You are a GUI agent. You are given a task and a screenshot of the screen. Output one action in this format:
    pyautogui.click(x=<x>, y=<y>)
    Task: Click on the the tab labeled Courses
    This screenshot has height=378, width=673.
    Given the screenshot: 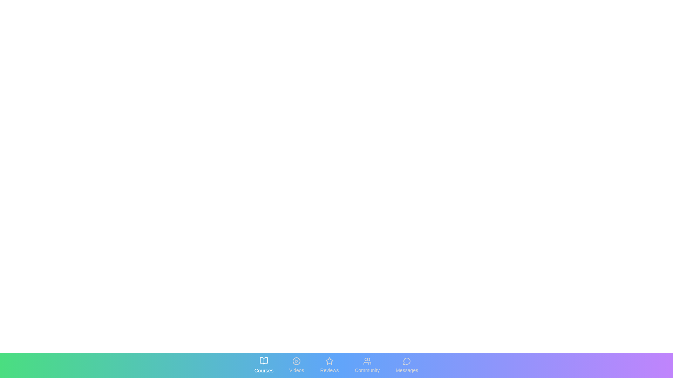 What is the action you would take?
    pyautogui.click(x=264, y=365)
    